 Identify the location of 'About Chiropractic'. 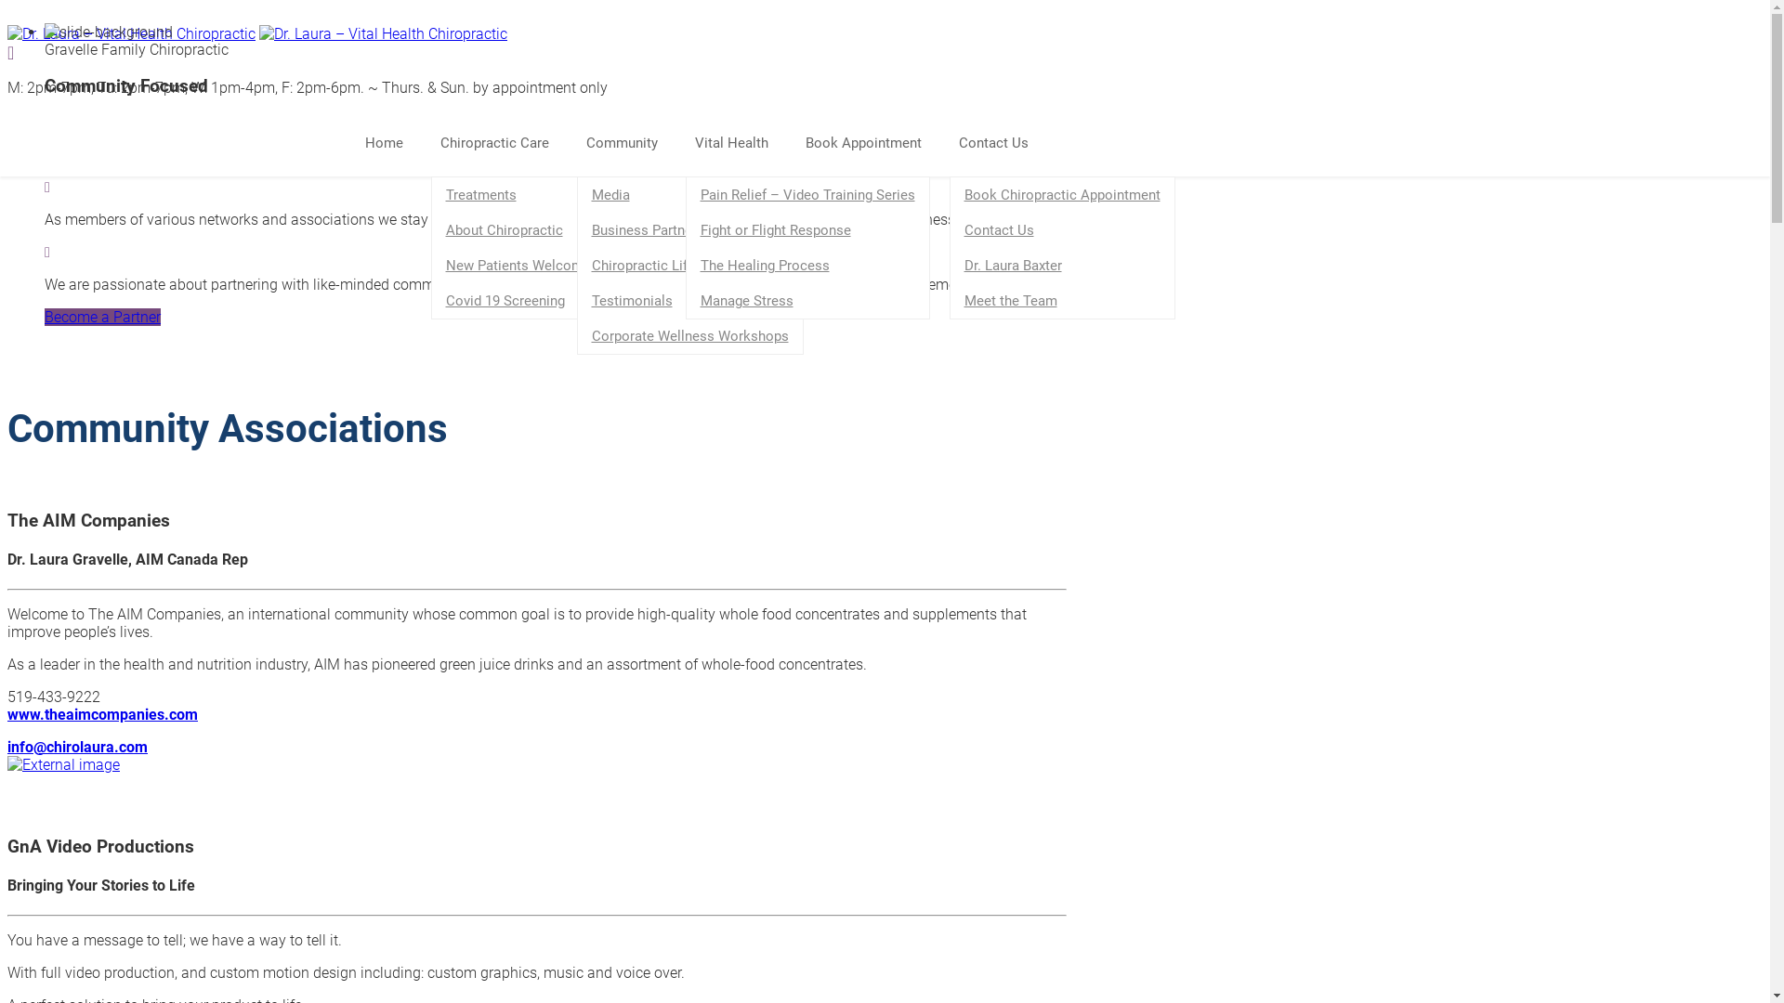
(518, 228).